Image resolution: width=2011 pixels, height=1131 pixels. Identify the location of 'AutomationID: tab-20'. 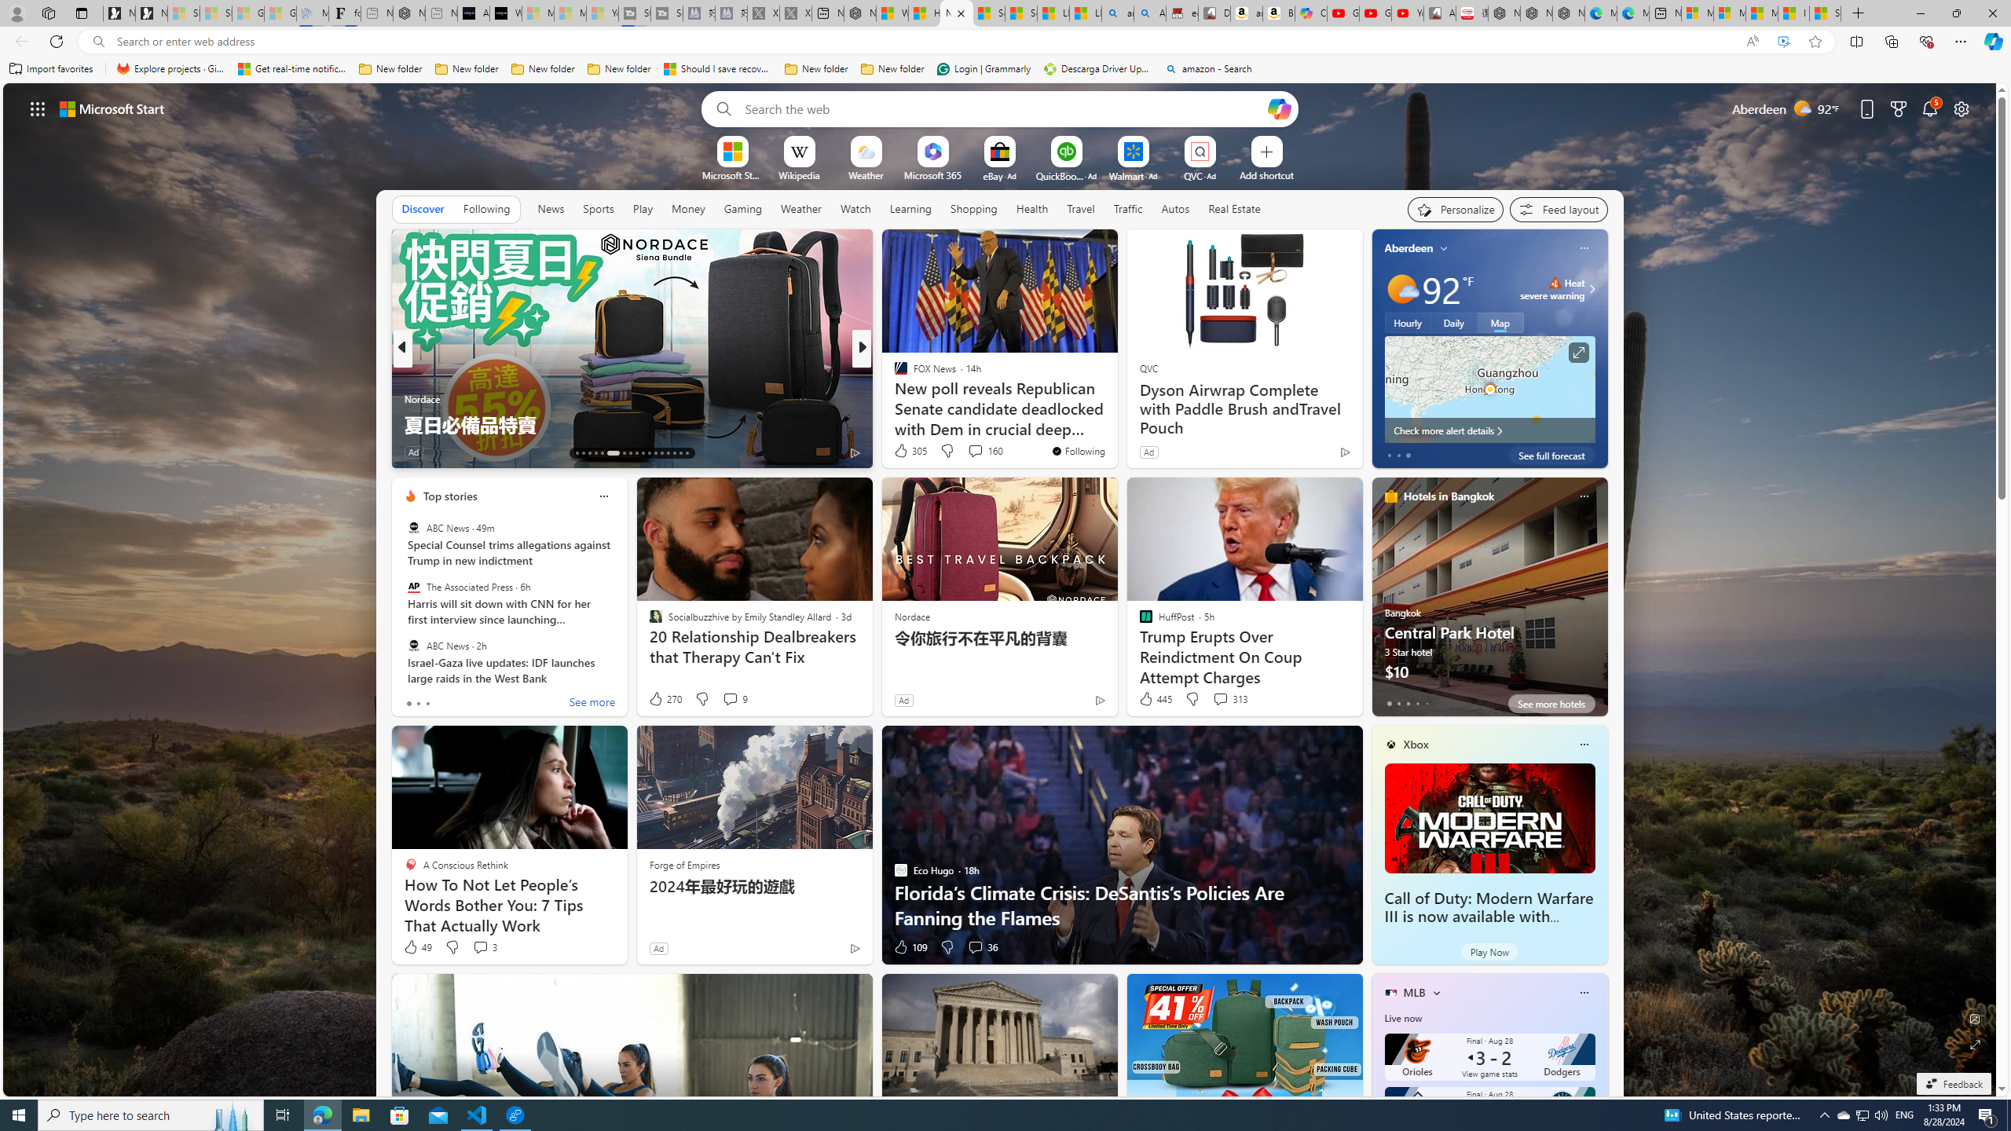
(630, 453).